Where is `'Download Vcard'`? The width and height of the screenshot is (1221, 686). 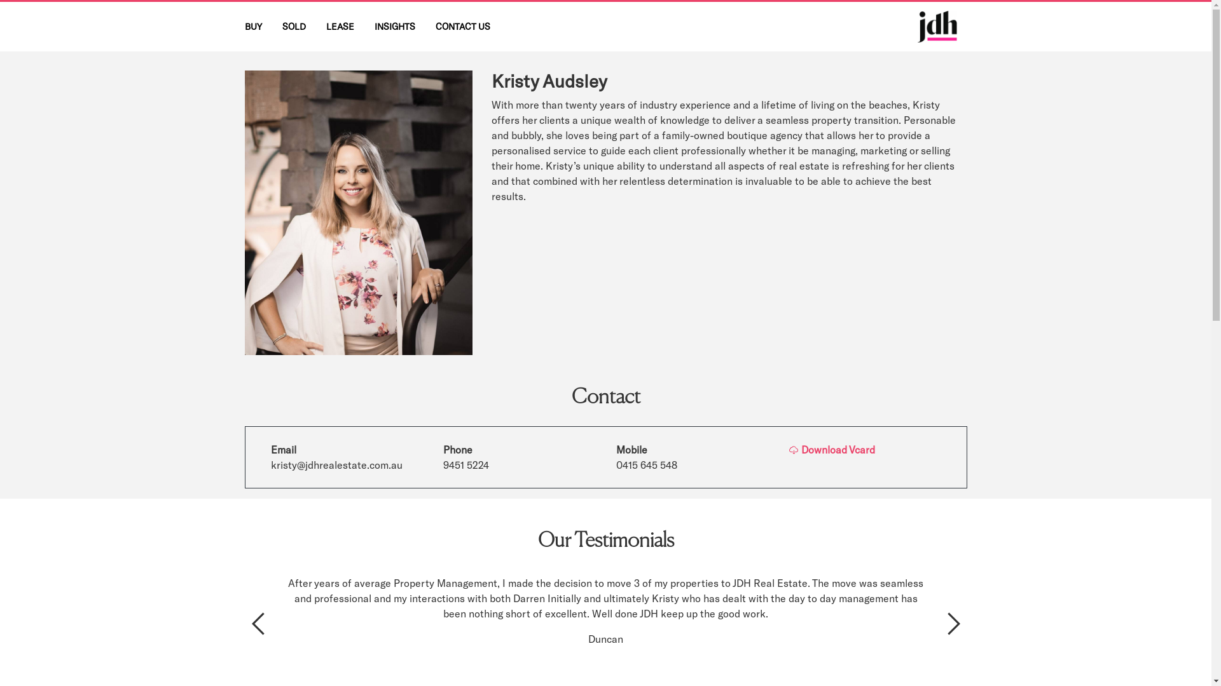
'Download Vcard' is located at coordinates (832, 448).